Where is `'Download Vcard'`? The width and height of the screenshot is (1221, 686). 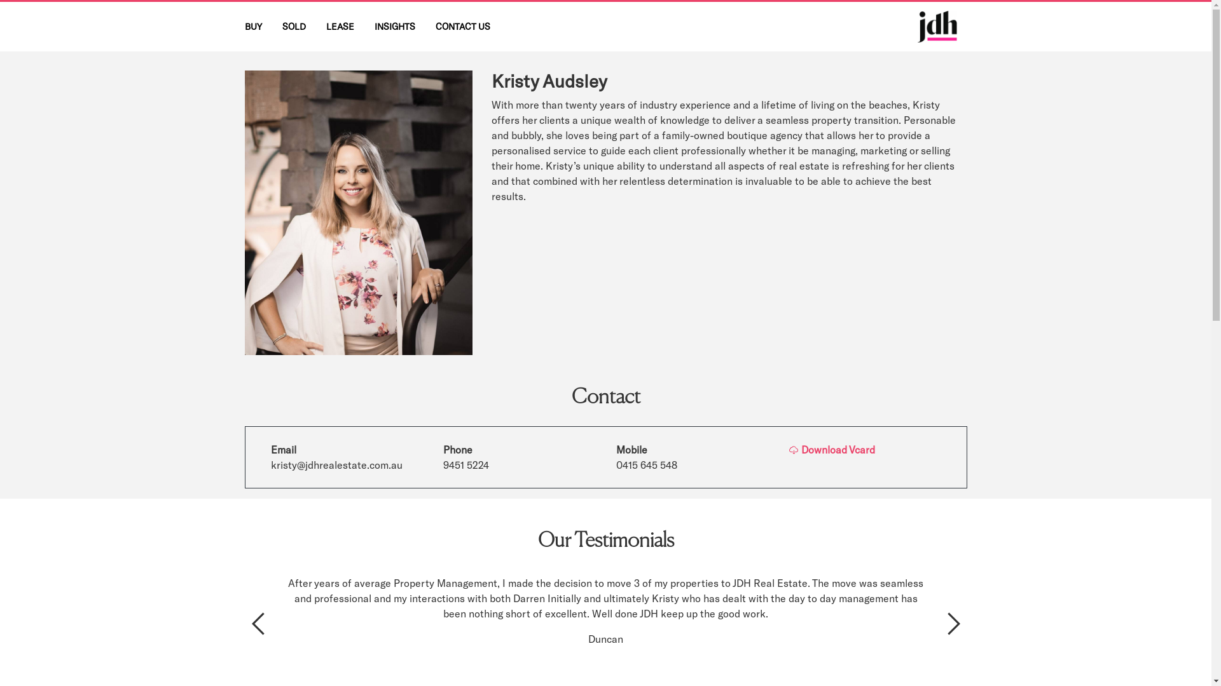
'Download Vcard' is located at coordinates (832, 448).